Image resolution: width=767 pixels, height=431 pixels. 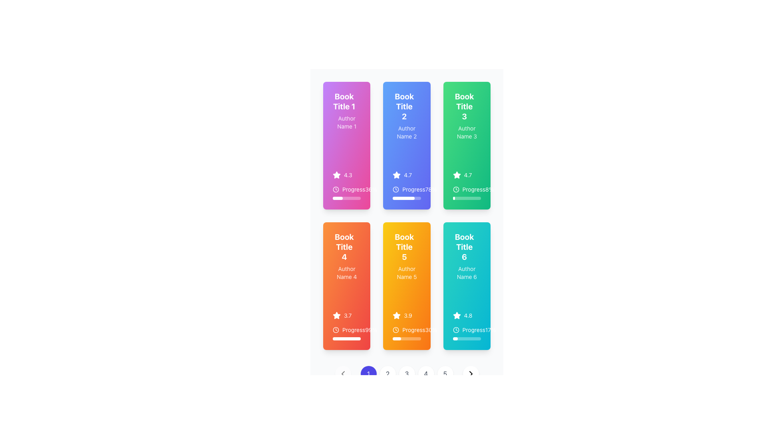 What do you see at coordinates (338, 198) in the screenshot?
I see `the Progress bar located in the first card of the leftmost column, positioned below the text 'Progress 36%'` at bounding box center [338, 198].